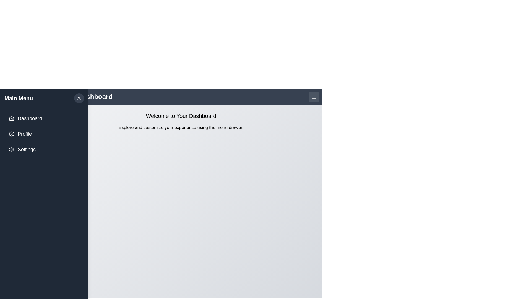  I want to click on the 'Dashboard' button located at the top of the sidebar menu to change its background color, so click(44, 118).